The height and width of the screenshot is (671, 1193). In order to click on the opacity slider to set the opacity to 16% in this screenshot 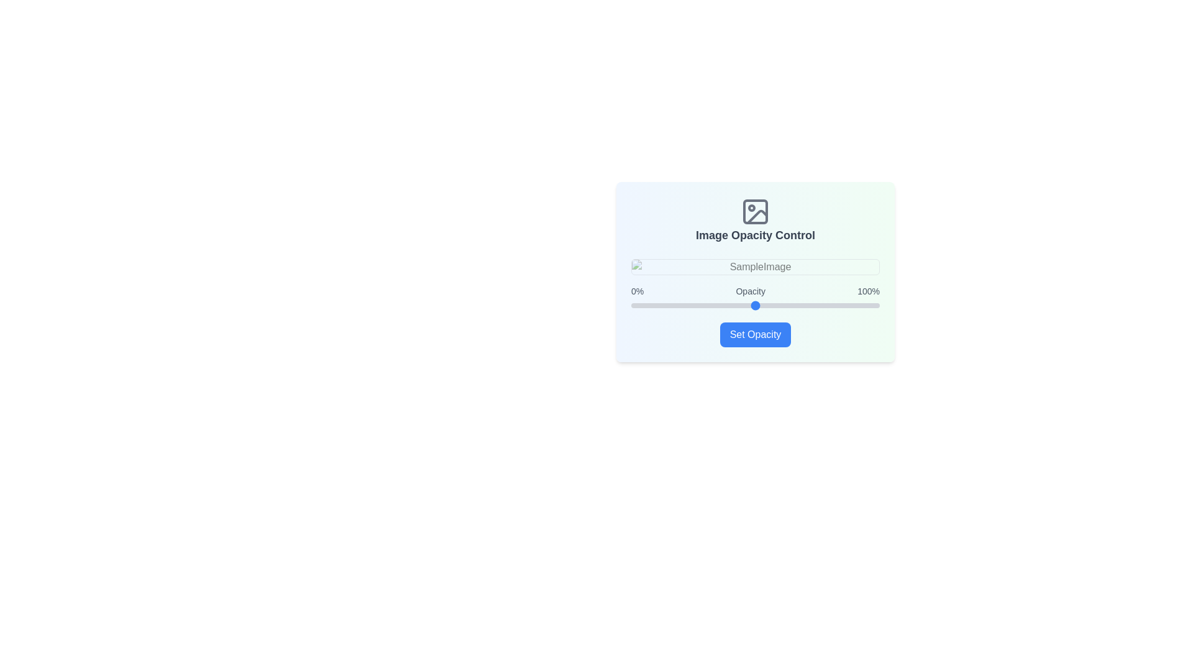, I will do `click(670, 306)`.